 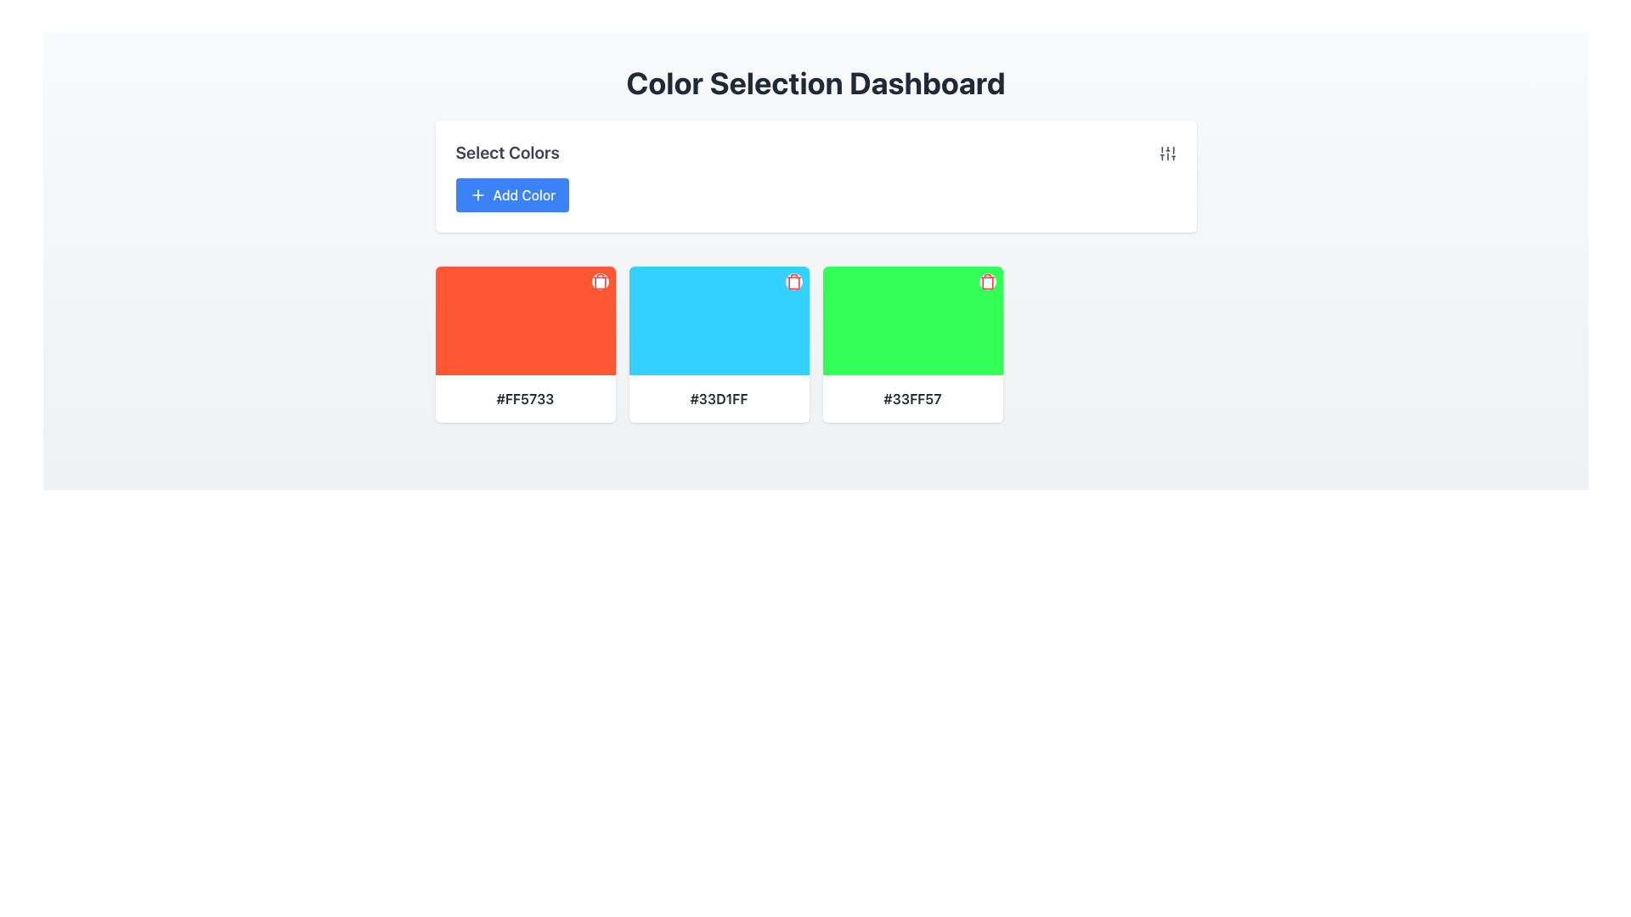 I want to click on the displayed text label reading '#33D1FF', which is styled with bold and dark-gray font and centrally aligned within a white rectangular box, so click(x=719, y=399).